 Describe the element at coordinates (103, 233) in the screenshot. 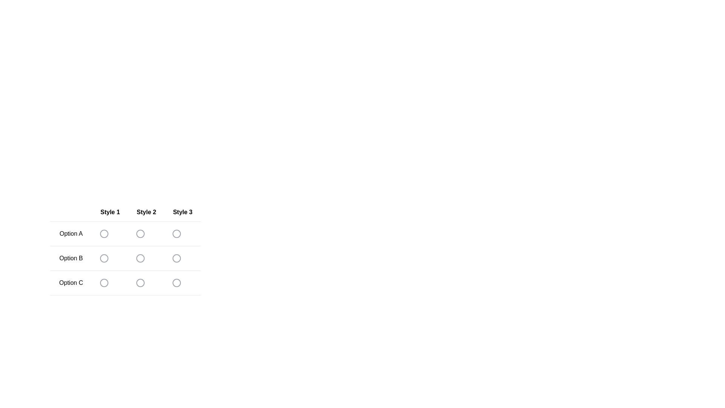

I see `the first circular radio button under 'Style 1'` at that location.